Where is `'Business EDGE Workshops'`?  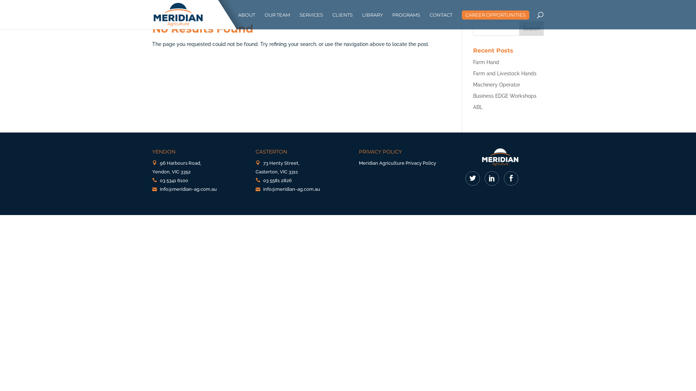
'Business EDGE Workshops' is located at coordinates (504, 96).